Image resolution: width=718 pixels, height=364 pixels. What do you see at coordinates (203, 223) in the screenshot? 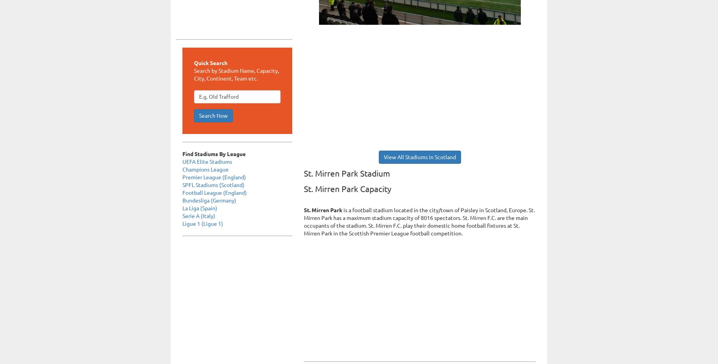
I see `'Ligue 1 (Ligue 1)'` at bounding box center [203, 223].